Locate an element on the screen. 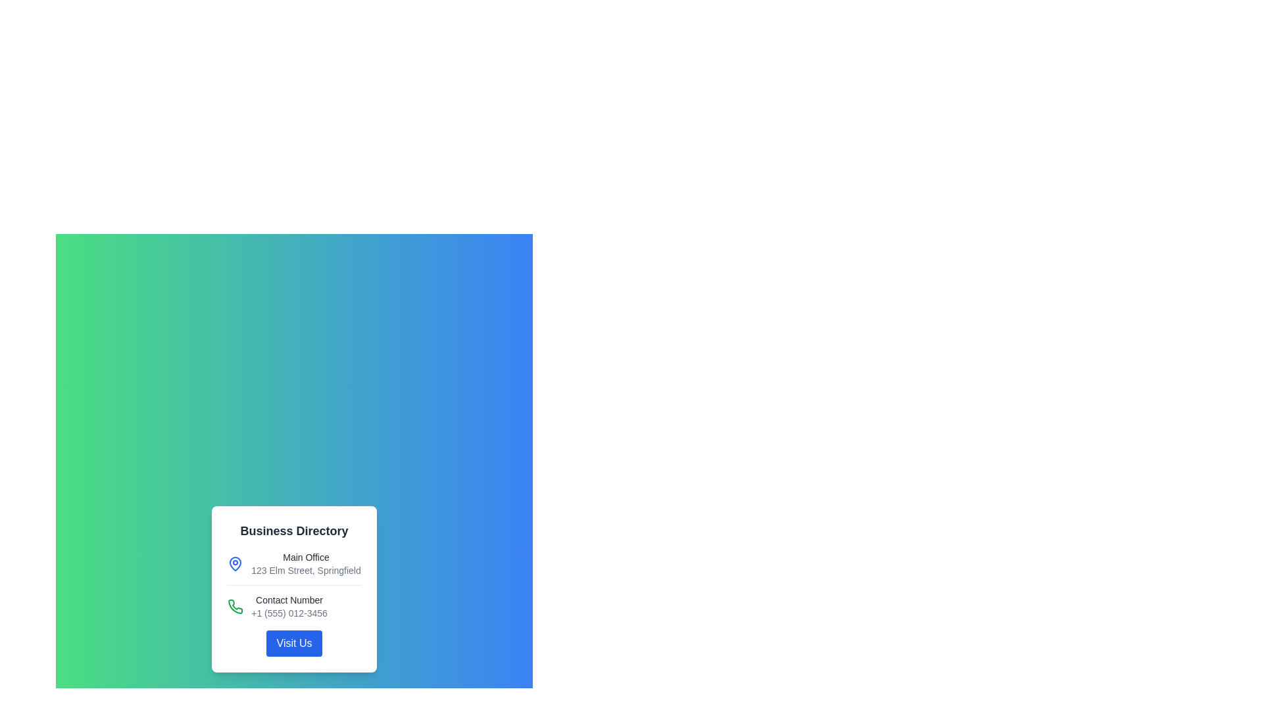 Image resolution: width=1263 pixels, height=710 pixels. the button located below the 'Contact Number' section in the 'Business Directory' card to change its background color is located at coordinates (293, 642).